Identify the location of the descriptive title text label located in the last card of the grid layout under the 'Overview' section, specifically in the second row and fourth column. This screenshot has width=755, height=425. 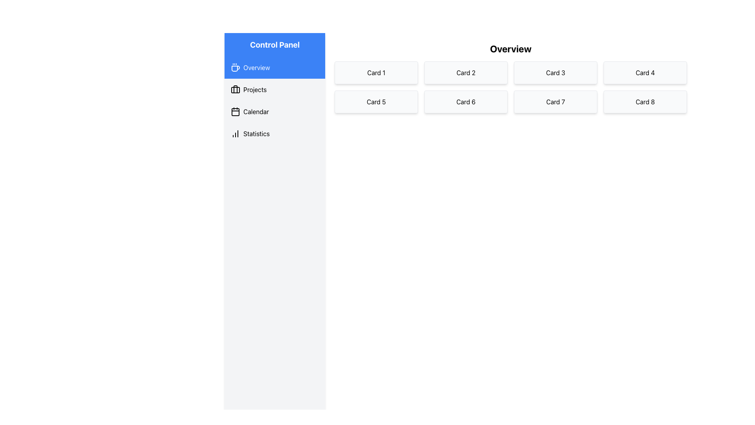
(645, 101).